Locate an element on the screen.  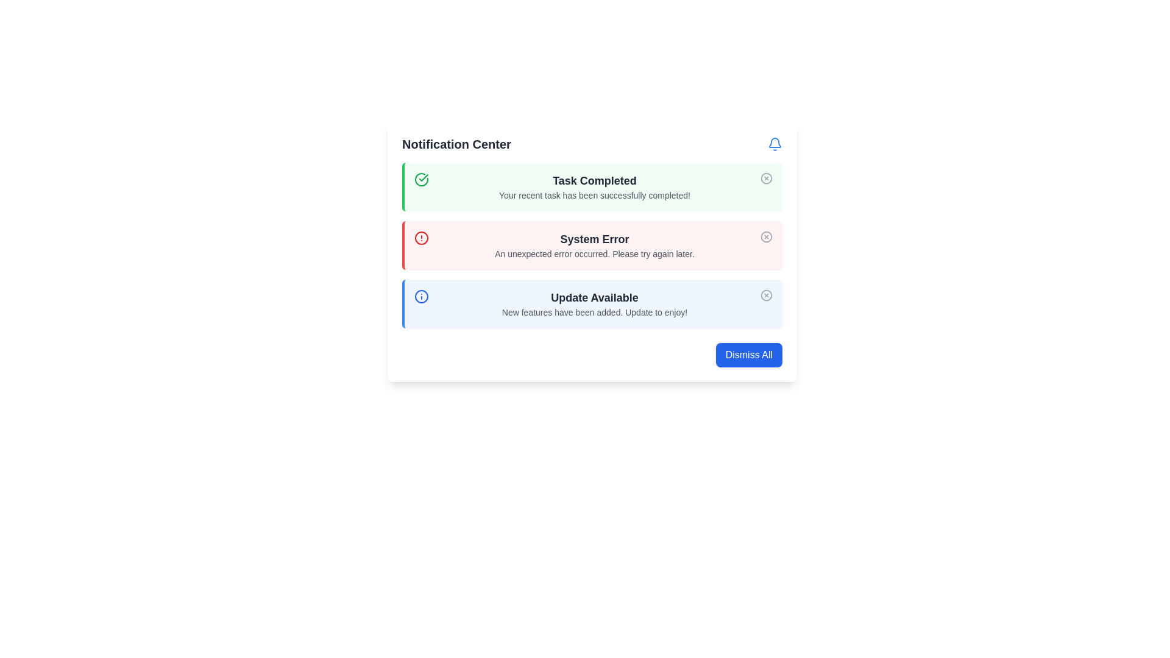
notification message text that informs the user of a system error, located beneath the header 'System Error.' is located at coordinates (594, 253).